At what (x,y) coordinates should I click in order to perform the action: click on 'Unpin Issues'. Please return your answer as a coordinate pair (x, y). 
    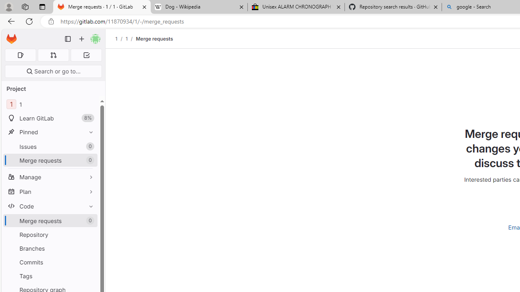
    Looking at the image, I should click on (89, 146).